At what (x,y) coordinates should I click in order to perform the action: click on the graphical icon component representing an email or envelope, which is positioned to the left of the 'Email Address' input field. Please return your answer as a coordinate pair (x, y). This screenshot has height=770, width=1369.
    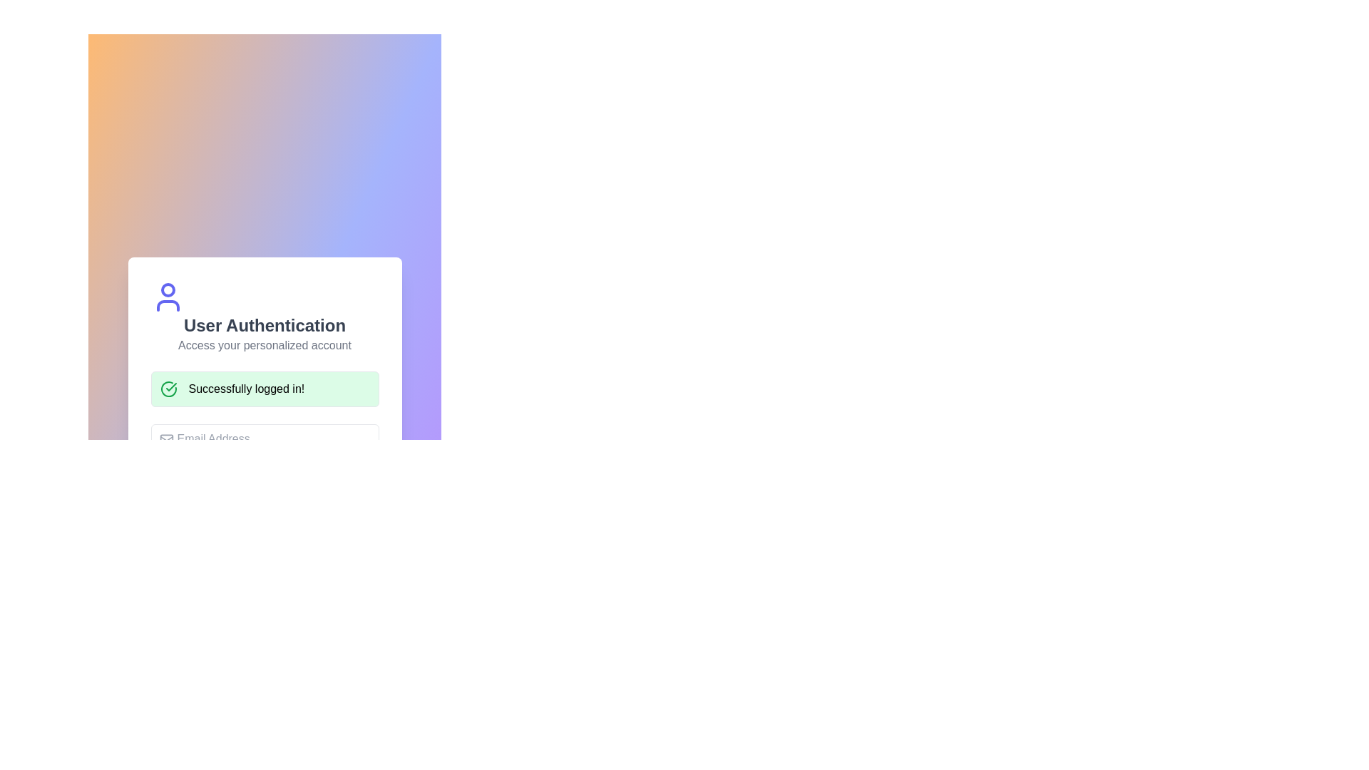
    Looking at the image, I should click on (166, 439).